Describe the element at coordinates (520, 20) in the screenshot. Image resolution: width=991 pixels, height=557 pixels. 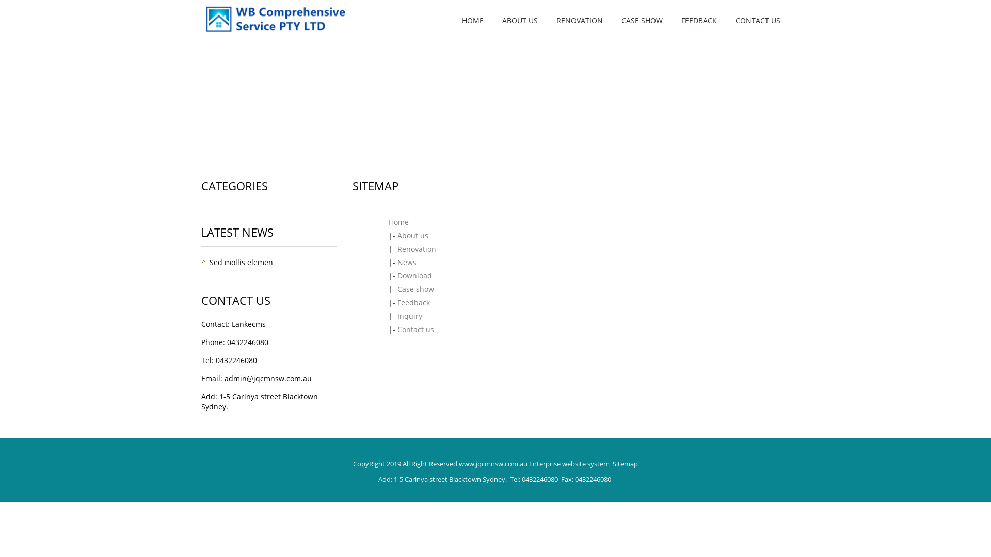
I see `'ABOUT US'` at that location.